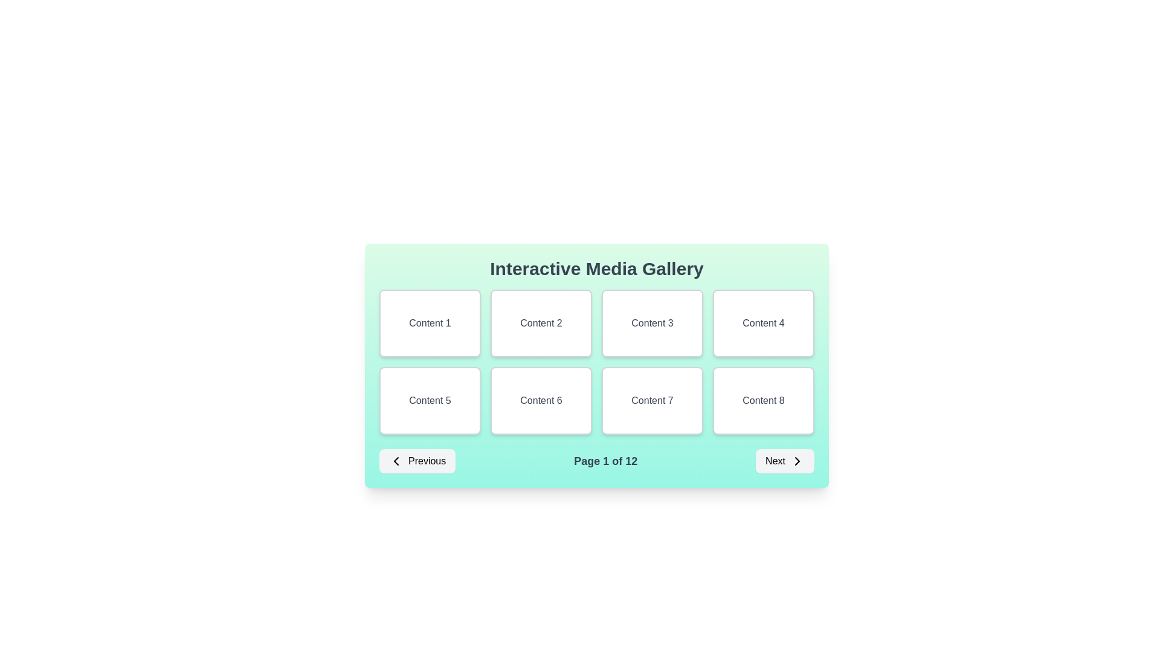  Describe the element at coordinates (652, 323) in the screenshot. I see `the informational card labeled 'Content 3', which is the third card in the first row of a 4x2 grid layout` at that location.